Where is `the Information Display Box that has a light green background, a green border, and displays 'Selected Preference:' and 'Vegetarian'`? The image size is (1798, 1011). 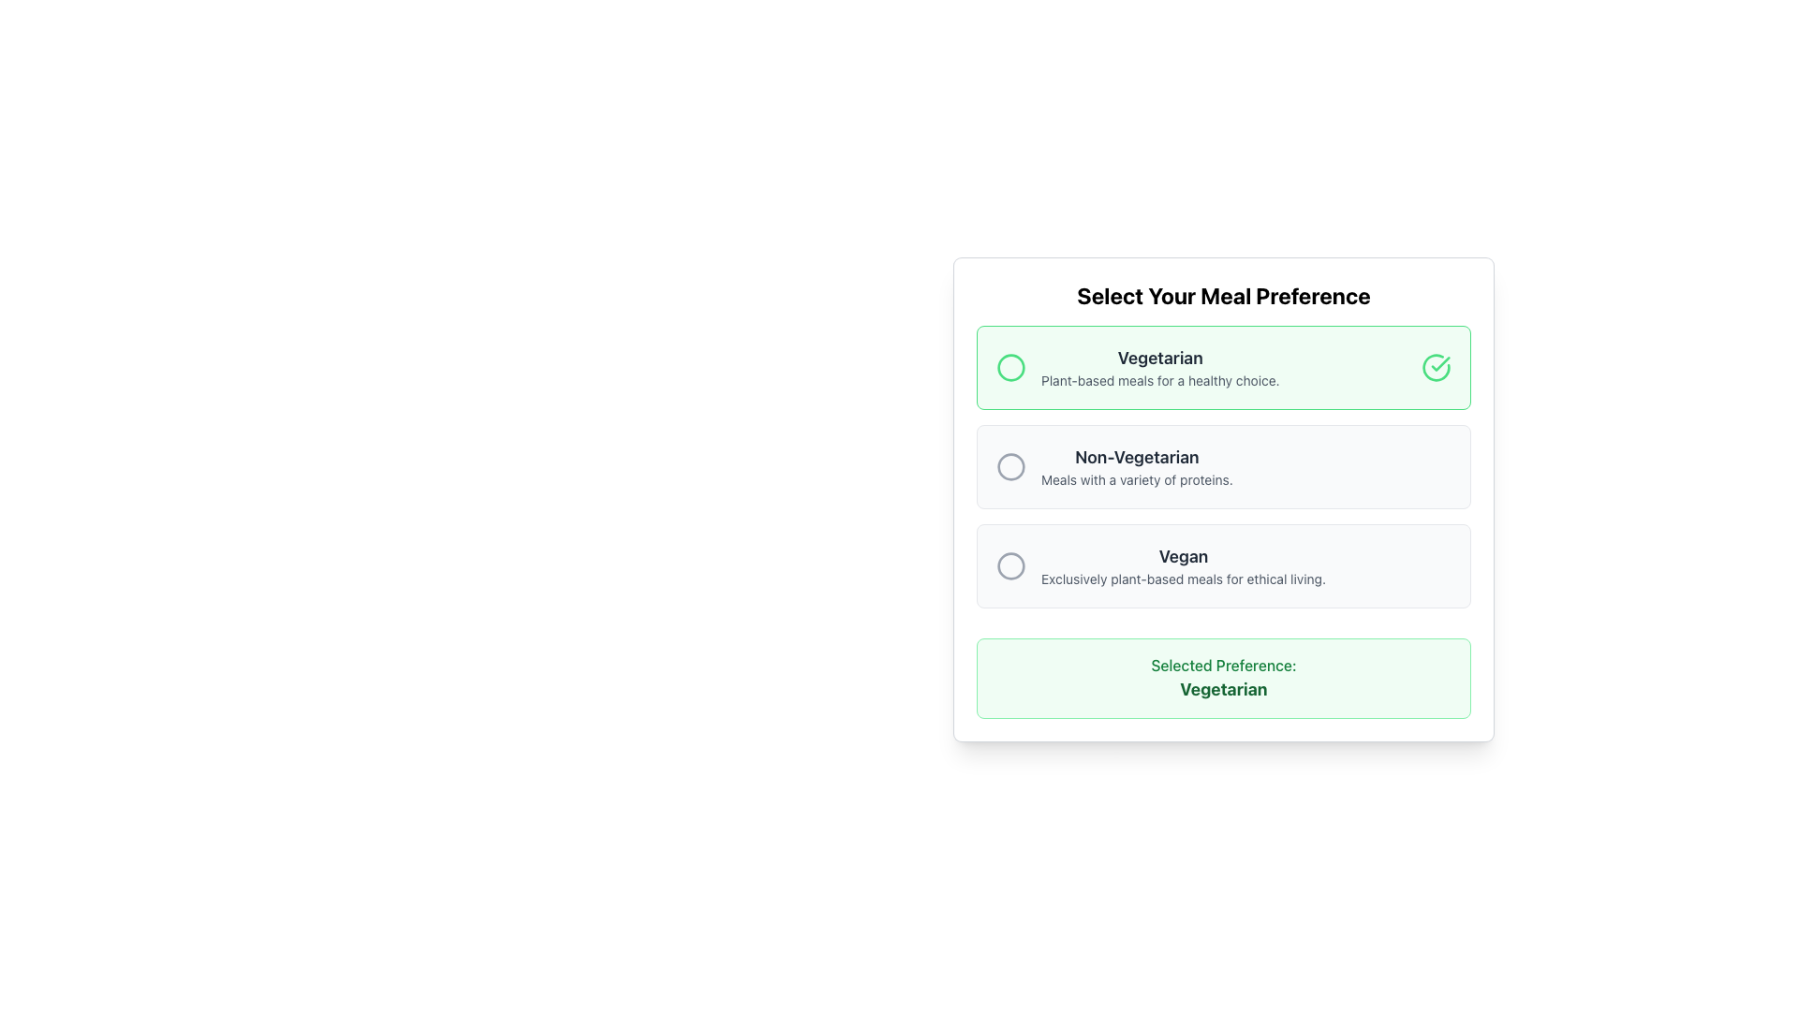 the Information Display Box that has a light green background, a green border, and displays 'Selected Preference:' and 'Vegetarian' is located at coordinates (1223, 679).